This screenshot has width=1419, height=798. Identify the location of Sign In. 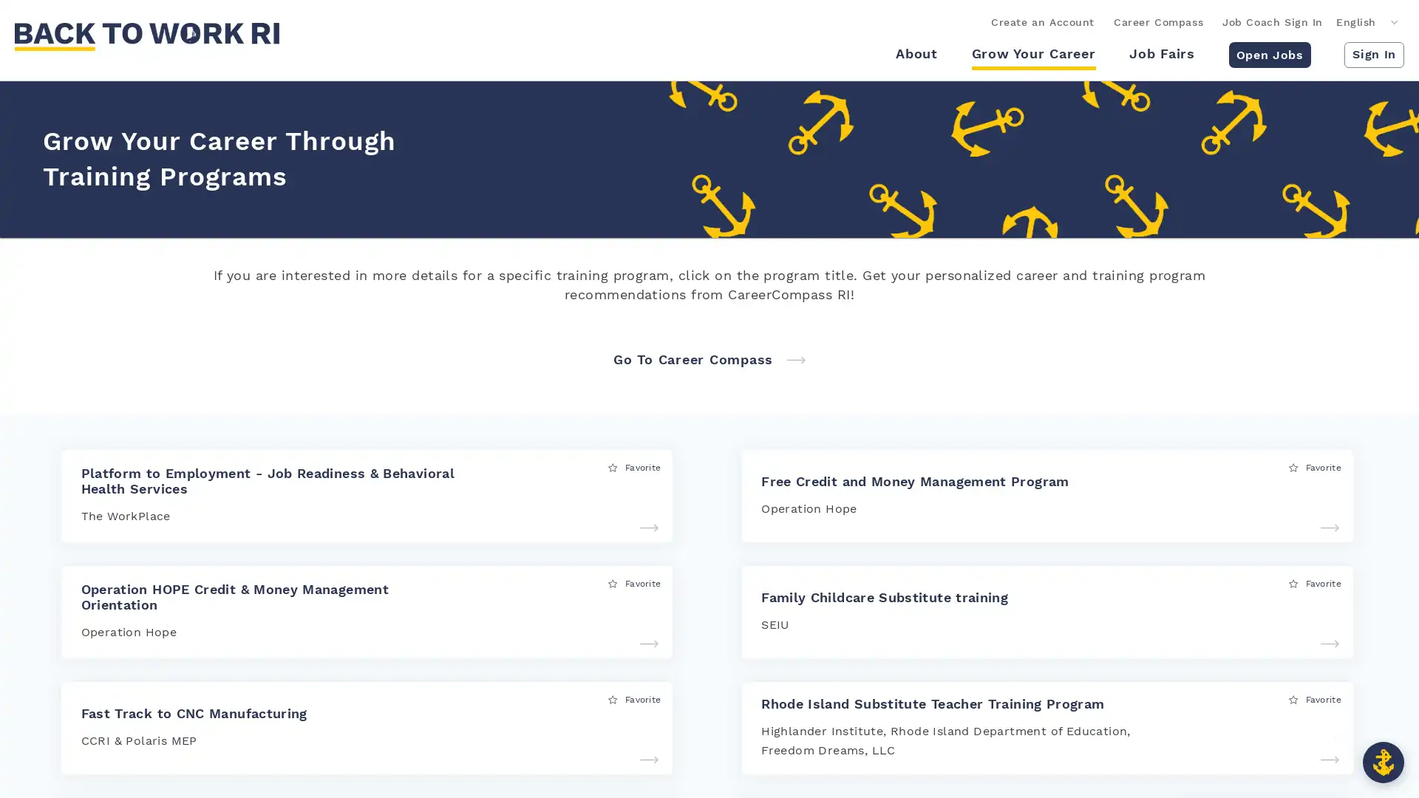
(1373, 53).